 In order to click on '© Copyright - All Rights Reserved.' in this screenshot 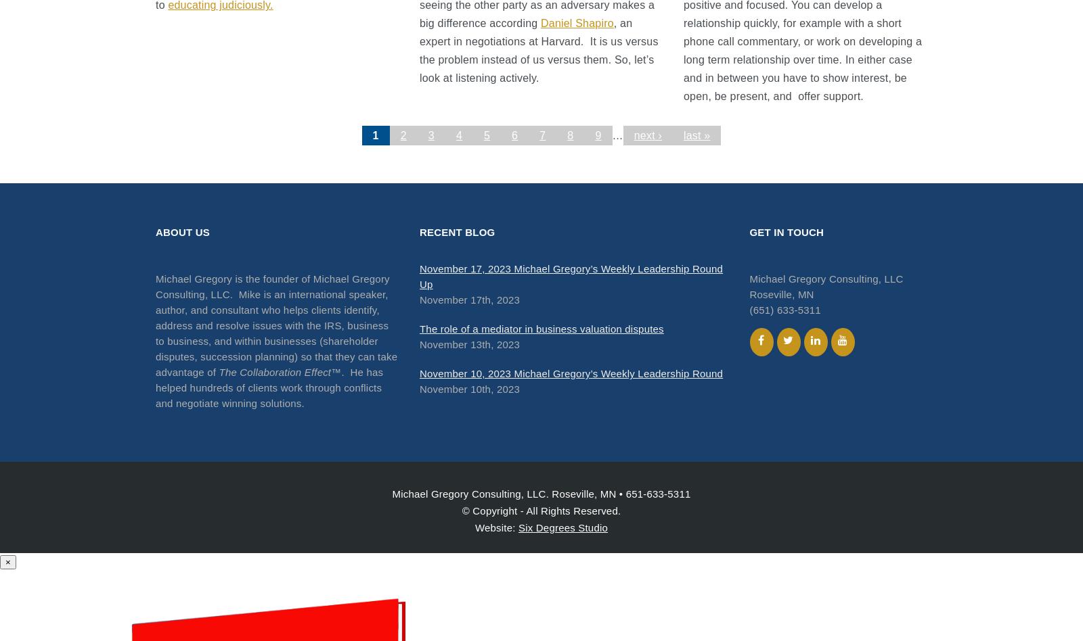, I will do `click(462, 511)`.